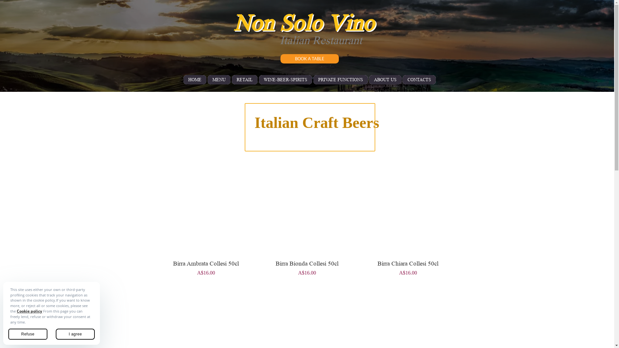 The width and height of the screenshot is (619, 348). I want to click on 'Cookie policy', so click(29, 311).